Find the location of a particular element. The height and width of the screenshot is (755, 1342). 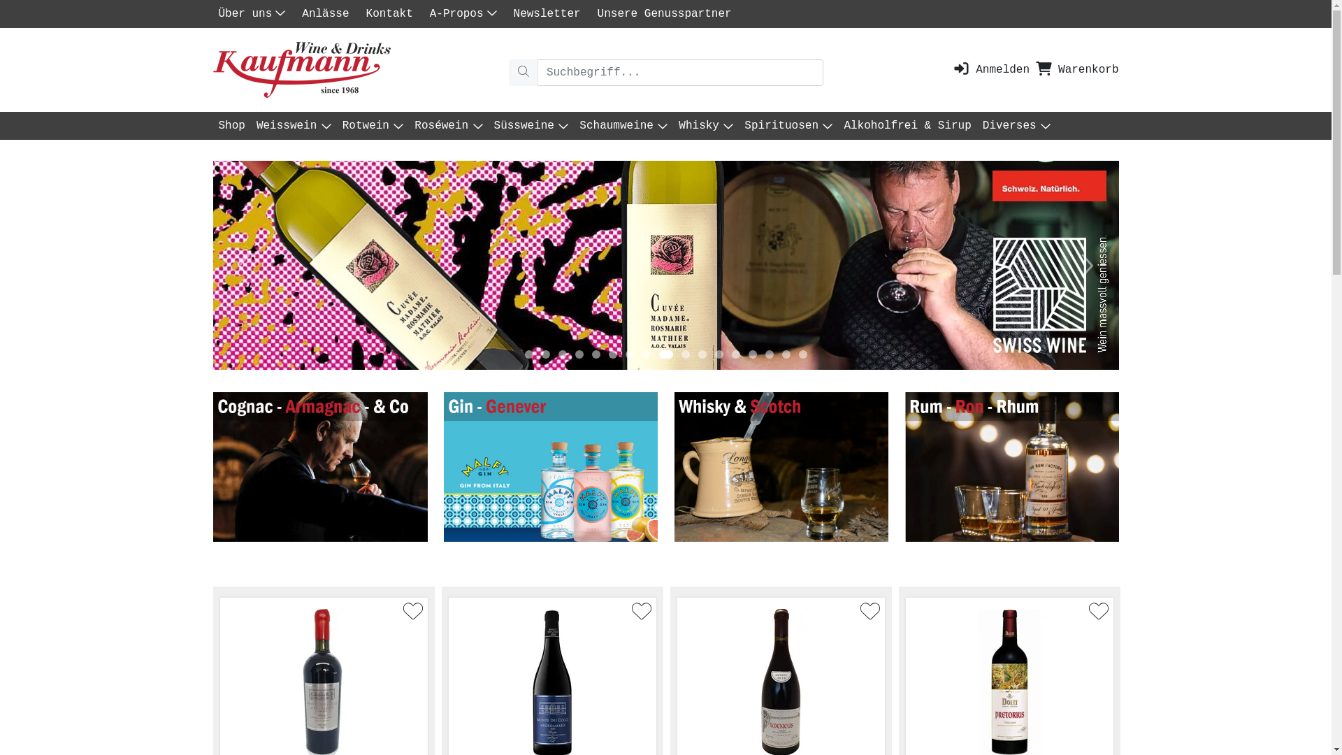

'Previous' is located at coordinates (211, 265).